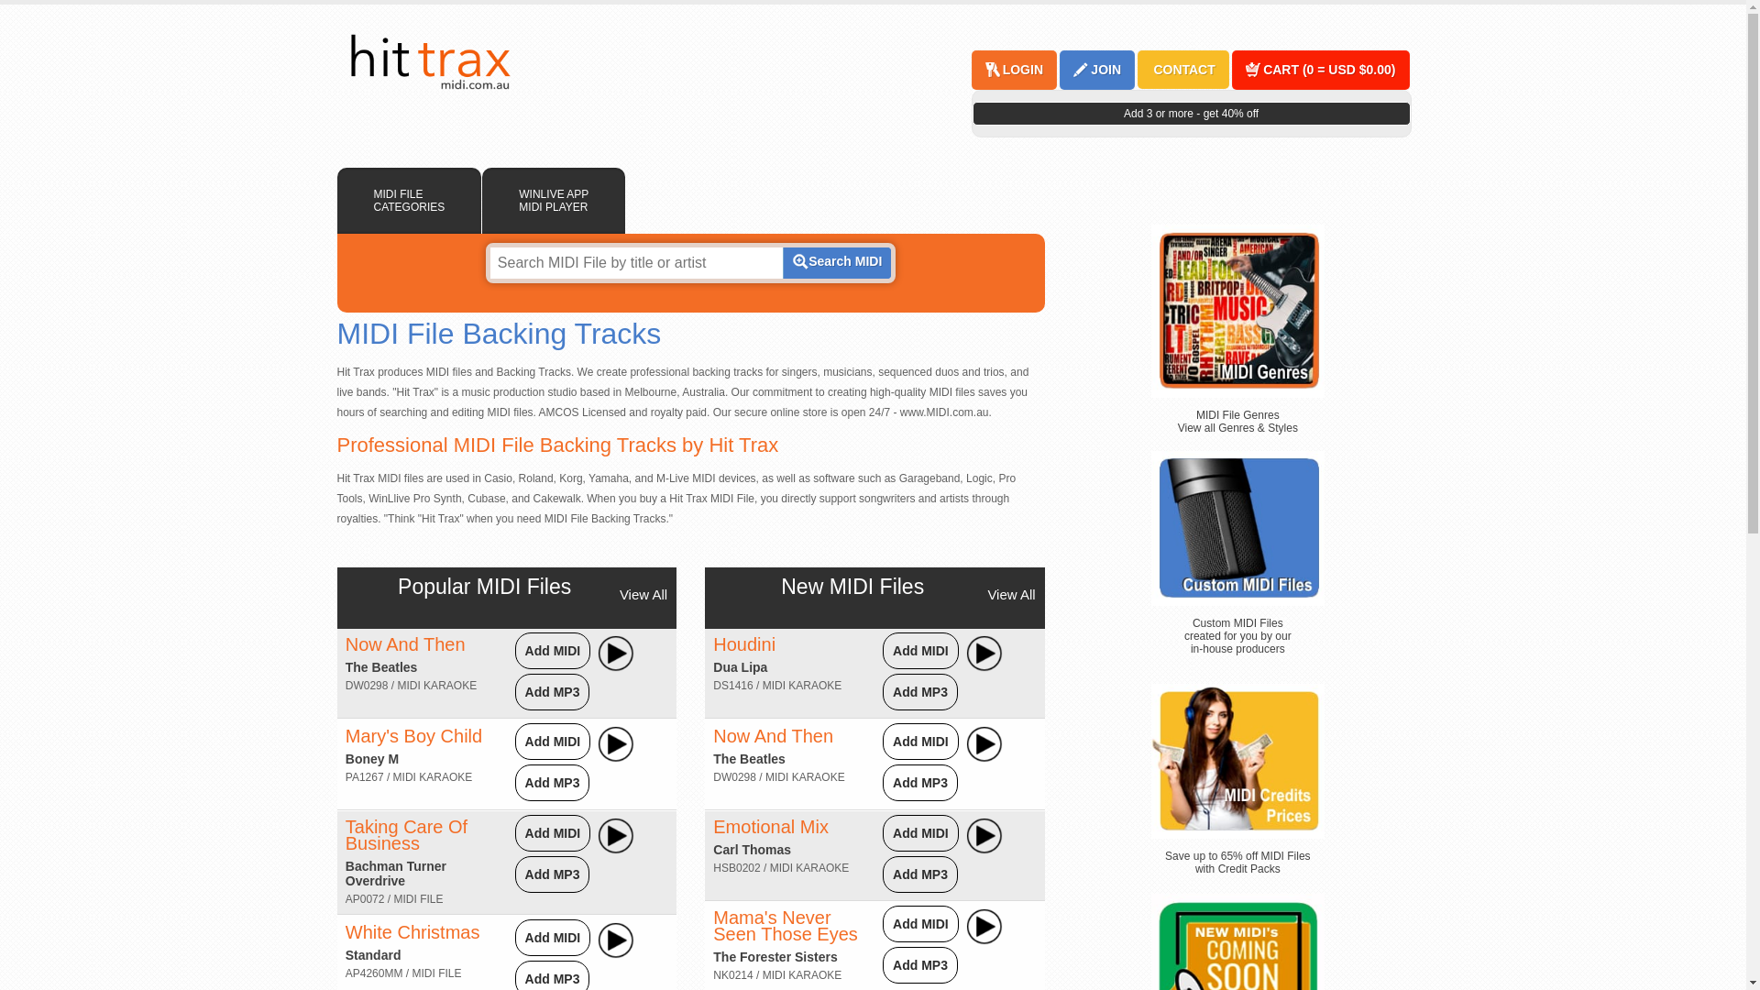 This screenshot has width=1760, height=990. I want to click on 'Bachman Turner Overdrive', so click(395, 872).